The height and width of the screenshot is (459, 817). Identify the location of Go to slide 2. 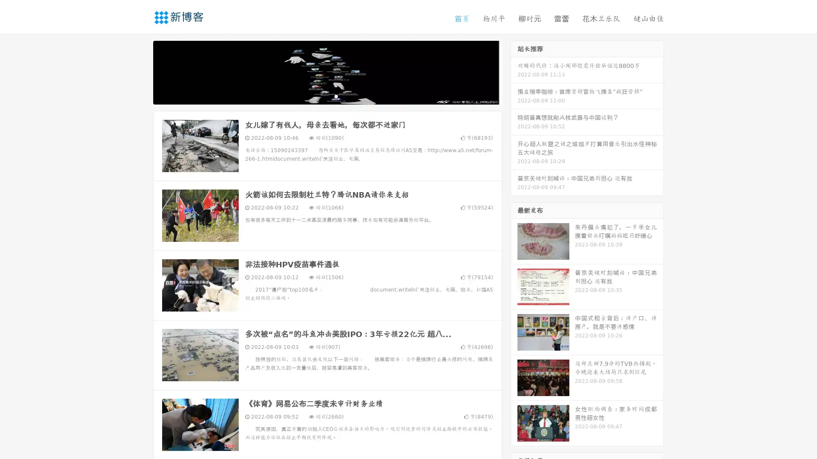
(327, 96).